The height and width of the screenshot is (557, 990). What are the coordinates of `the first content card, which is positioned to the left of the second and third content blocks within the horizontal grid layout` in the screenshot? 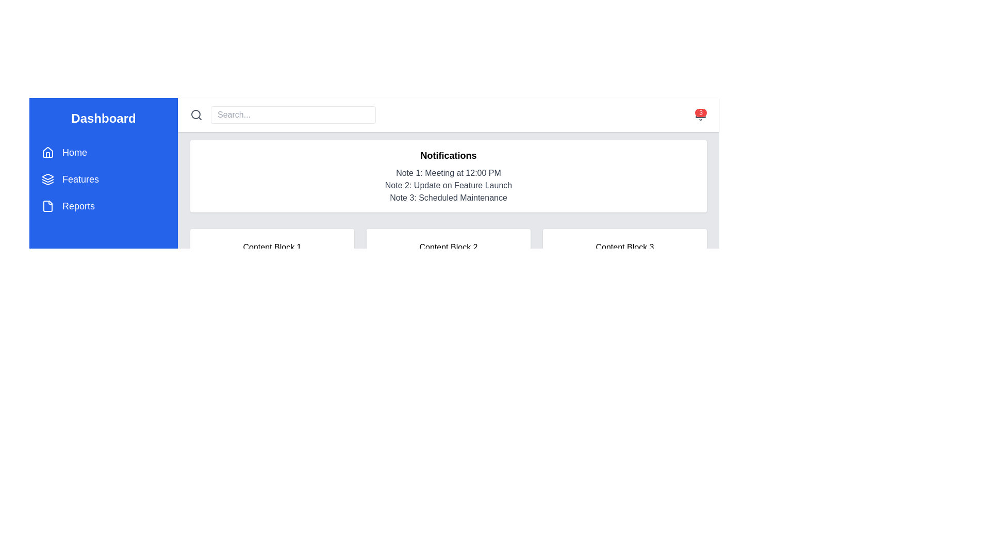 It's located at (272, 247).